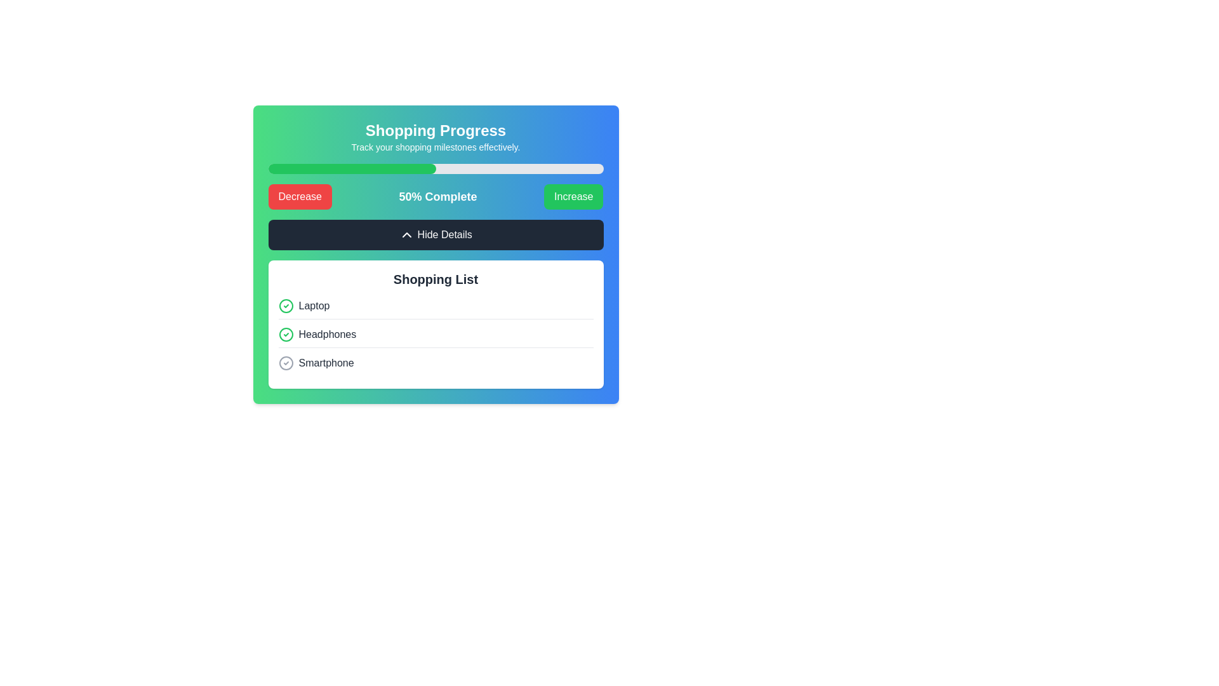 The height and width of the screenshot is (686, 1219). I want to click on the third text label in the vertically stacked 'Shopping List', so click(326, 363).